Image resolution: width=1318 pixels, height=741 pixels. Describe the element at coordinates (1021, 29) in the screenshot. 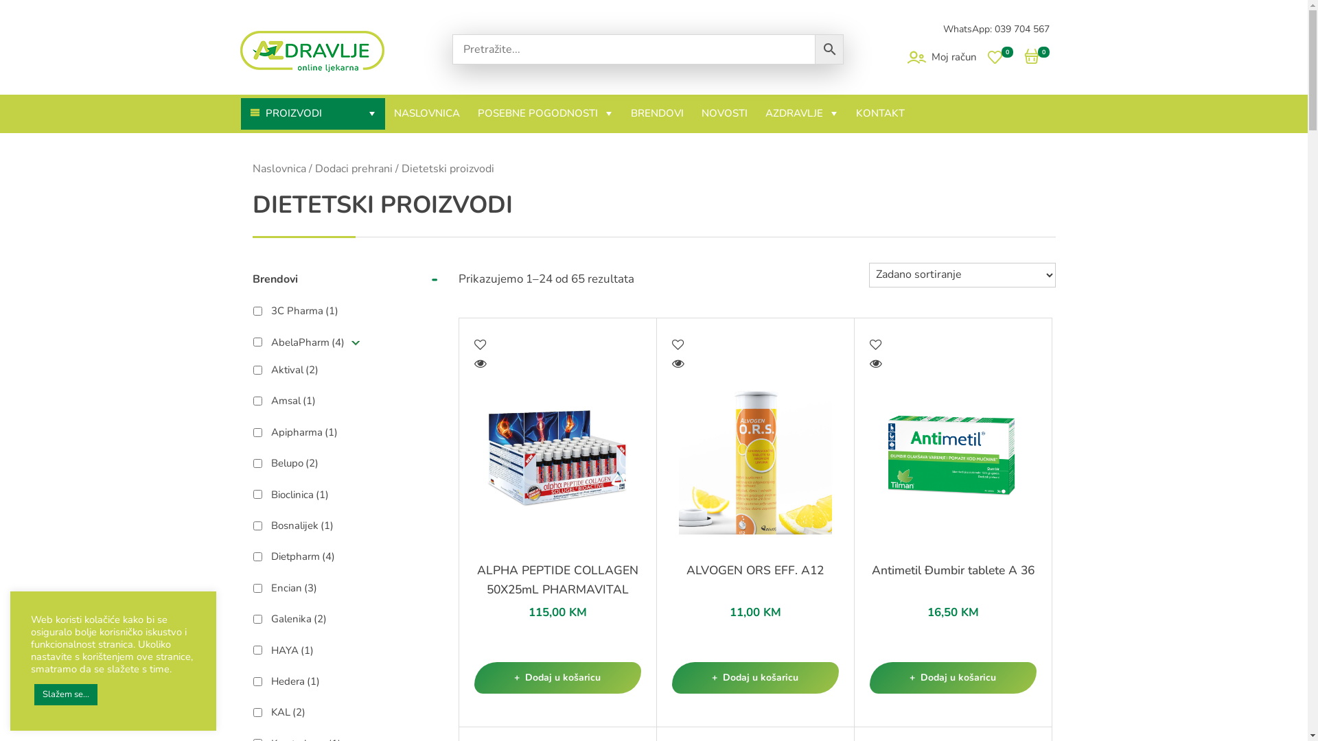

I see `'039 704 567'` at that location.